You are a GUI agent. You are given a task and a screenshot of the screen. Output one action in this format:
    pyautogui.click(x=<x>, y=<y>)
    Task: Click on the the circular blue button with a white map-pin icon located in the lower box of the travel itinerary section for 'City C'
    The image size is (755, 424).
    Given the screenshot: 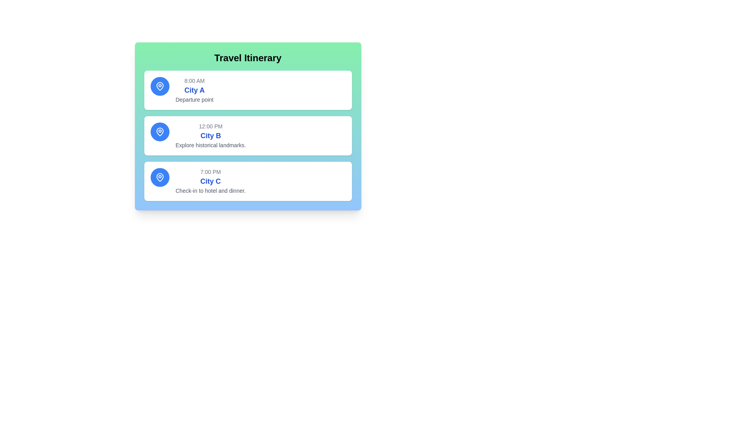 What is the action you would take?
    pyautogui.click(x=159, y=177)
    